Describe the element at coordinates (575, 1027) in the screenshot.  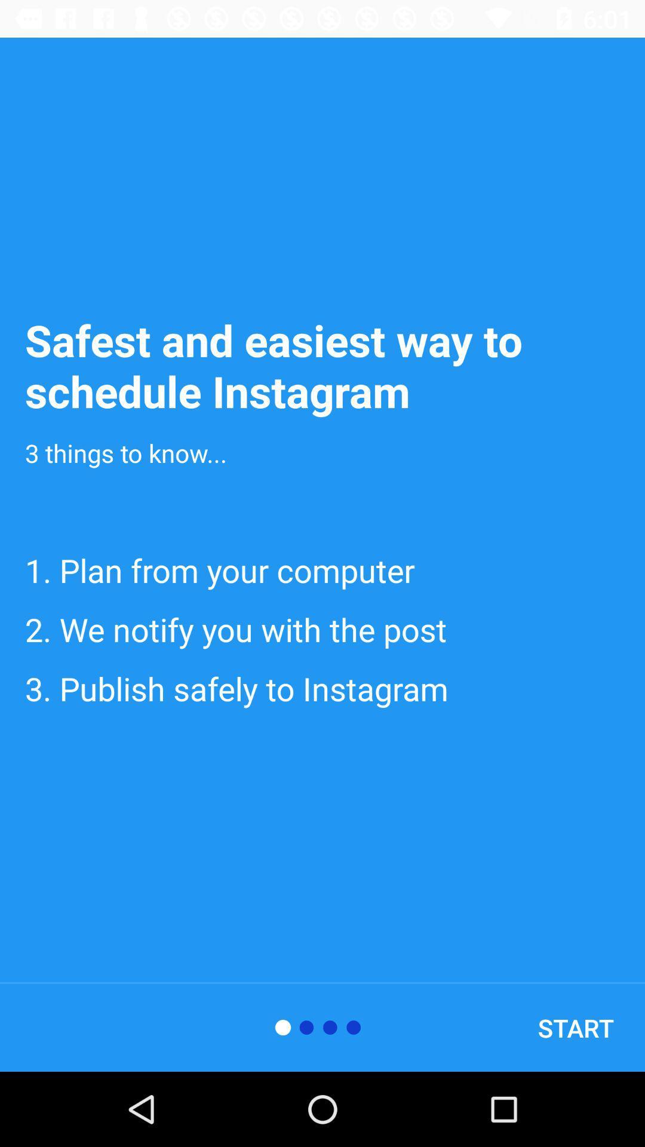
I see `icon at the bottom right corner` at that location.